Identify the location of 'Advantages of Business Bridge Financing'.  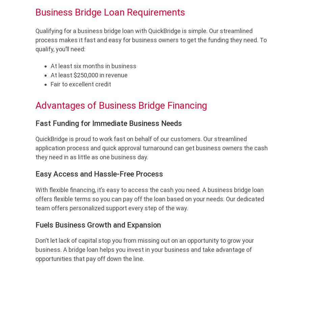
(121, 105).